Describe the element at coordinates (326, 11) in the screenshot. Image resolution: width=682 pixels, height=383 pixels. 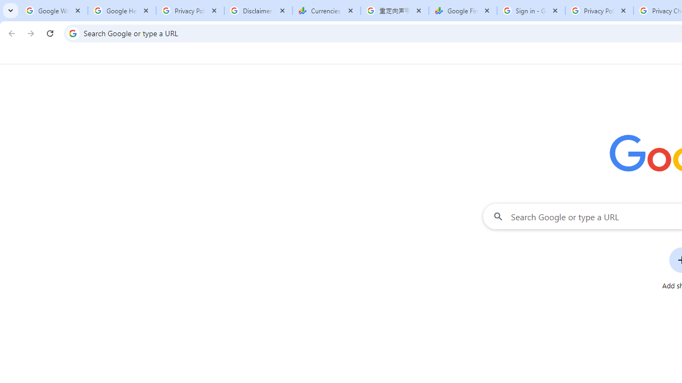
I see `'Currencies - Google Finance'` at that location.